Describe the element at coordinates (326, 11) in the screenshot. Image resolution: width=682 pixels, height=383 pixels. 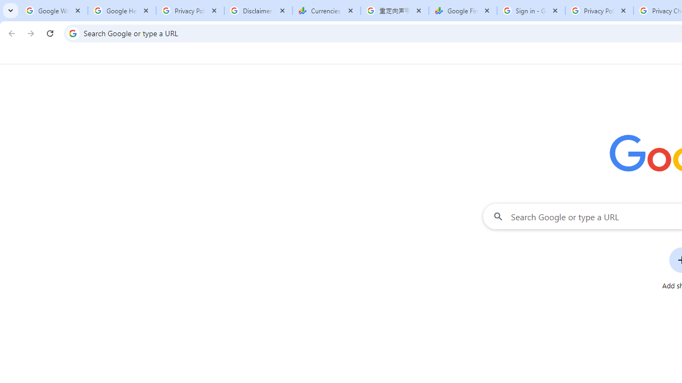
I see `'Currencies - Google Finance'` at that location.